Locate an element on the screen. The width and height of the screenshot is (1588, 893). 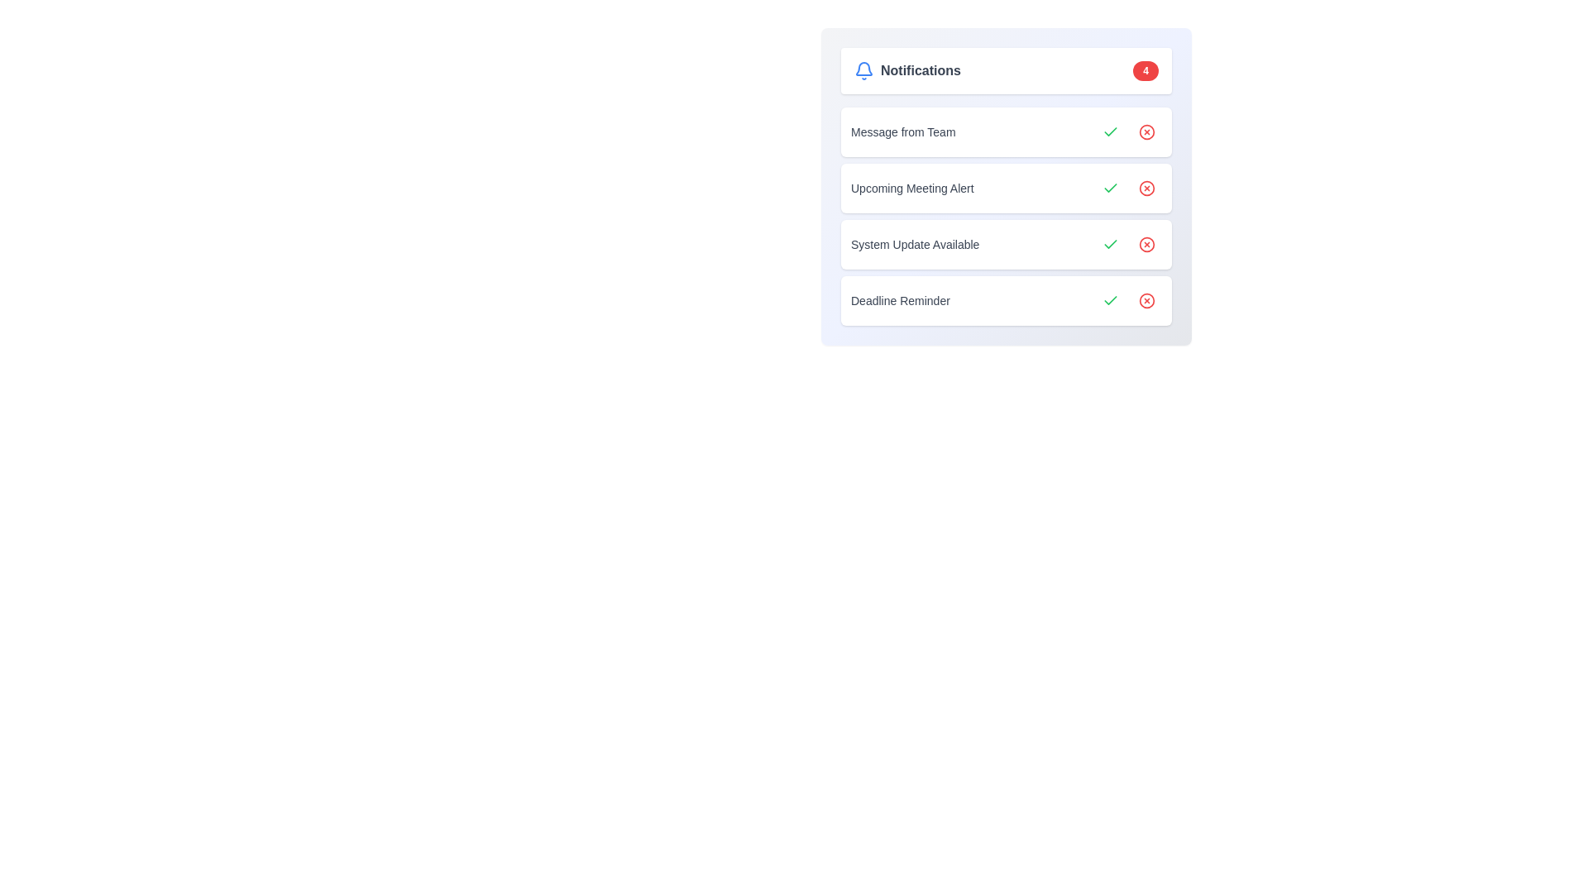
the button with an icon that marks an item as completed or approved, located between 'Upcoming Meeting Alert' and a red circular button in the second row of the notification list is located at coordinates (1111, 187).